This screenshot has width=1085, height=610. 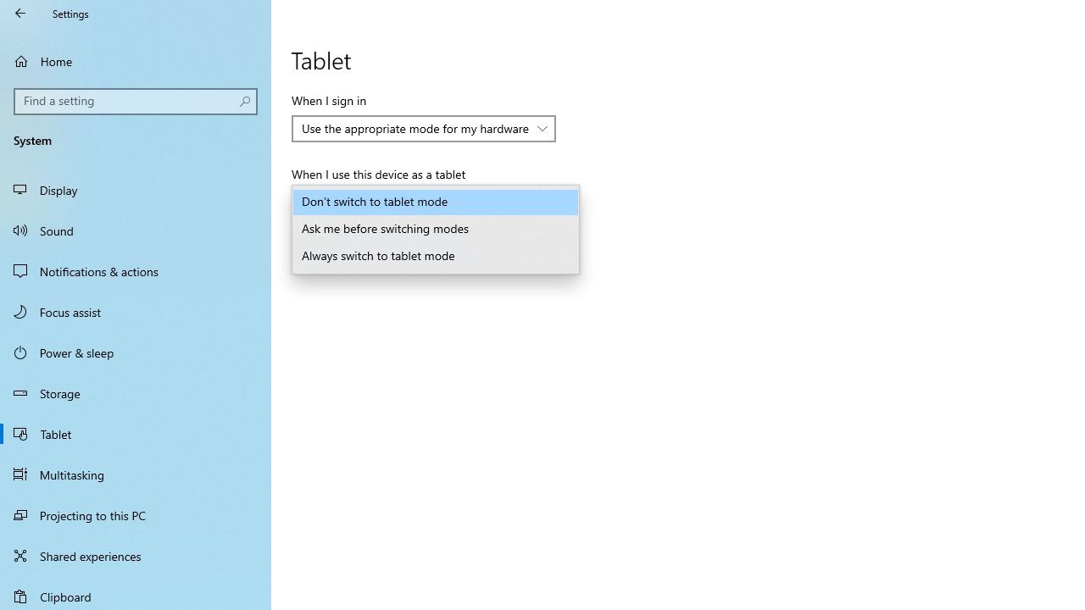 What do you see at coordinates (436, 230) in the screenshot?
I see `'Ask me before switching modes'` at bounding box center [436, 230].